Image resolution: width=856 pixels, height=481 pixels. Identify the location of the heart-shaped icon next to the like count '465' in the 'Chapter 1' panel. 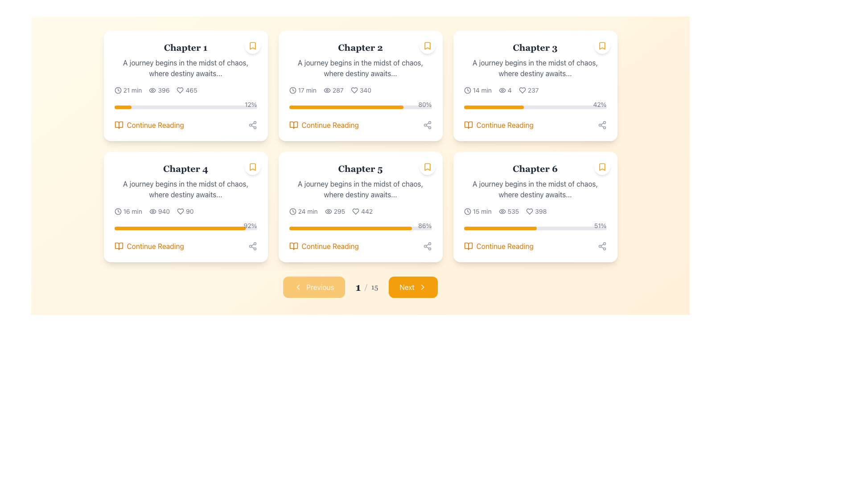
(180, 90).